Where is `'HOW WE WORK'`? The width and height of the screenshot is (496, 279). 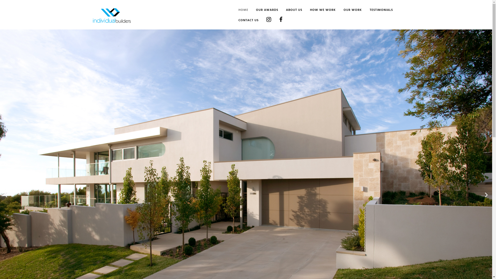 'HOW WE WORK' is located at coordinates (302, 10).